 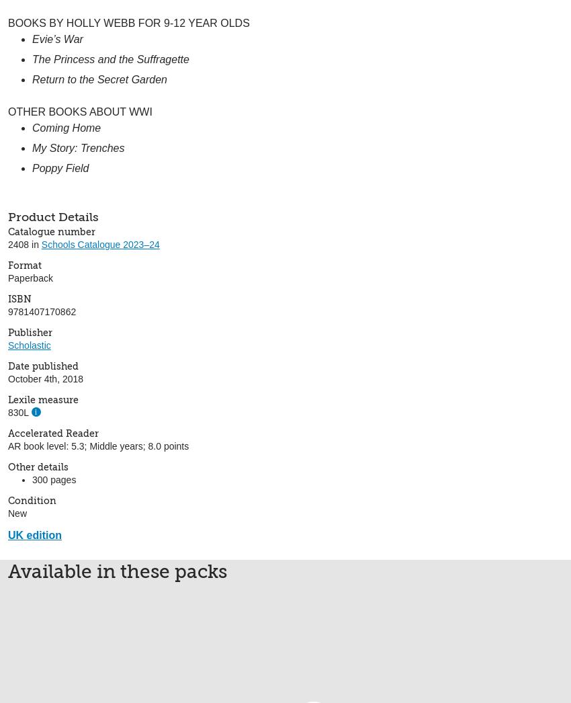 What do you see at coordinates (18, 411) in the screenshot?
I see `'830L'` at bounding box center [18, 411].